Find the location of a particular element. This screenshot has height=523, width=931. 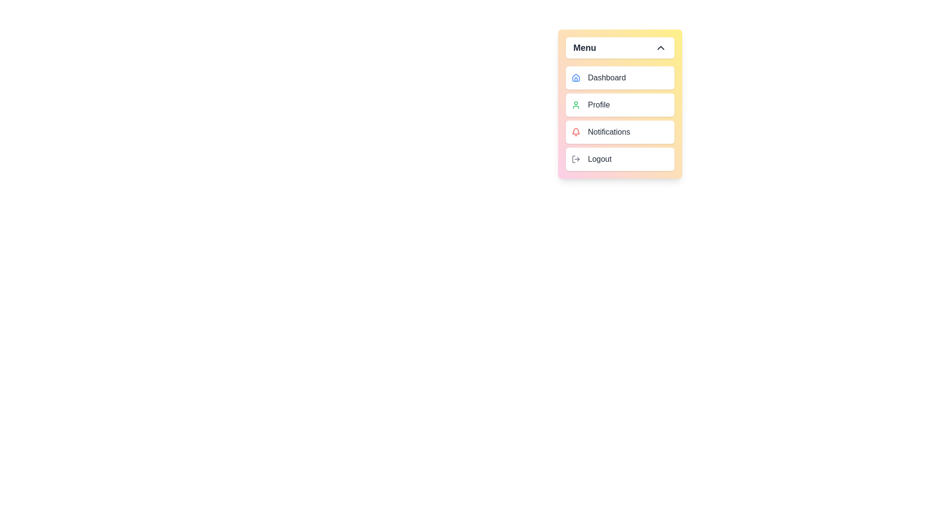

the menu item labeled Profile is located at coordinates (619, 105).